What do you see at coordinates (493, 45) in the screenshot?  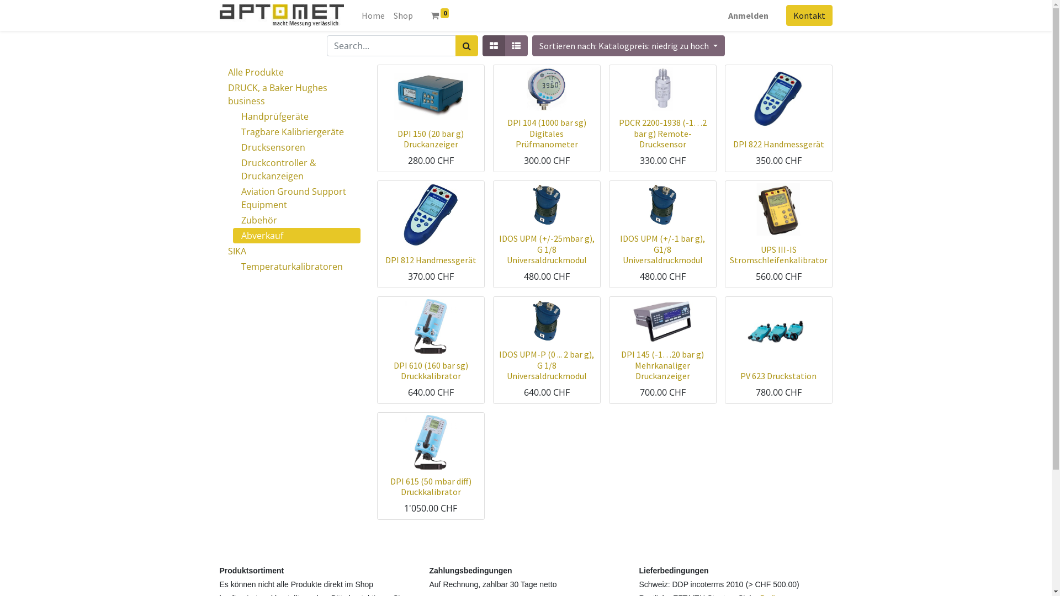 I see `'Gitter'` at bounding box center [493, 45].